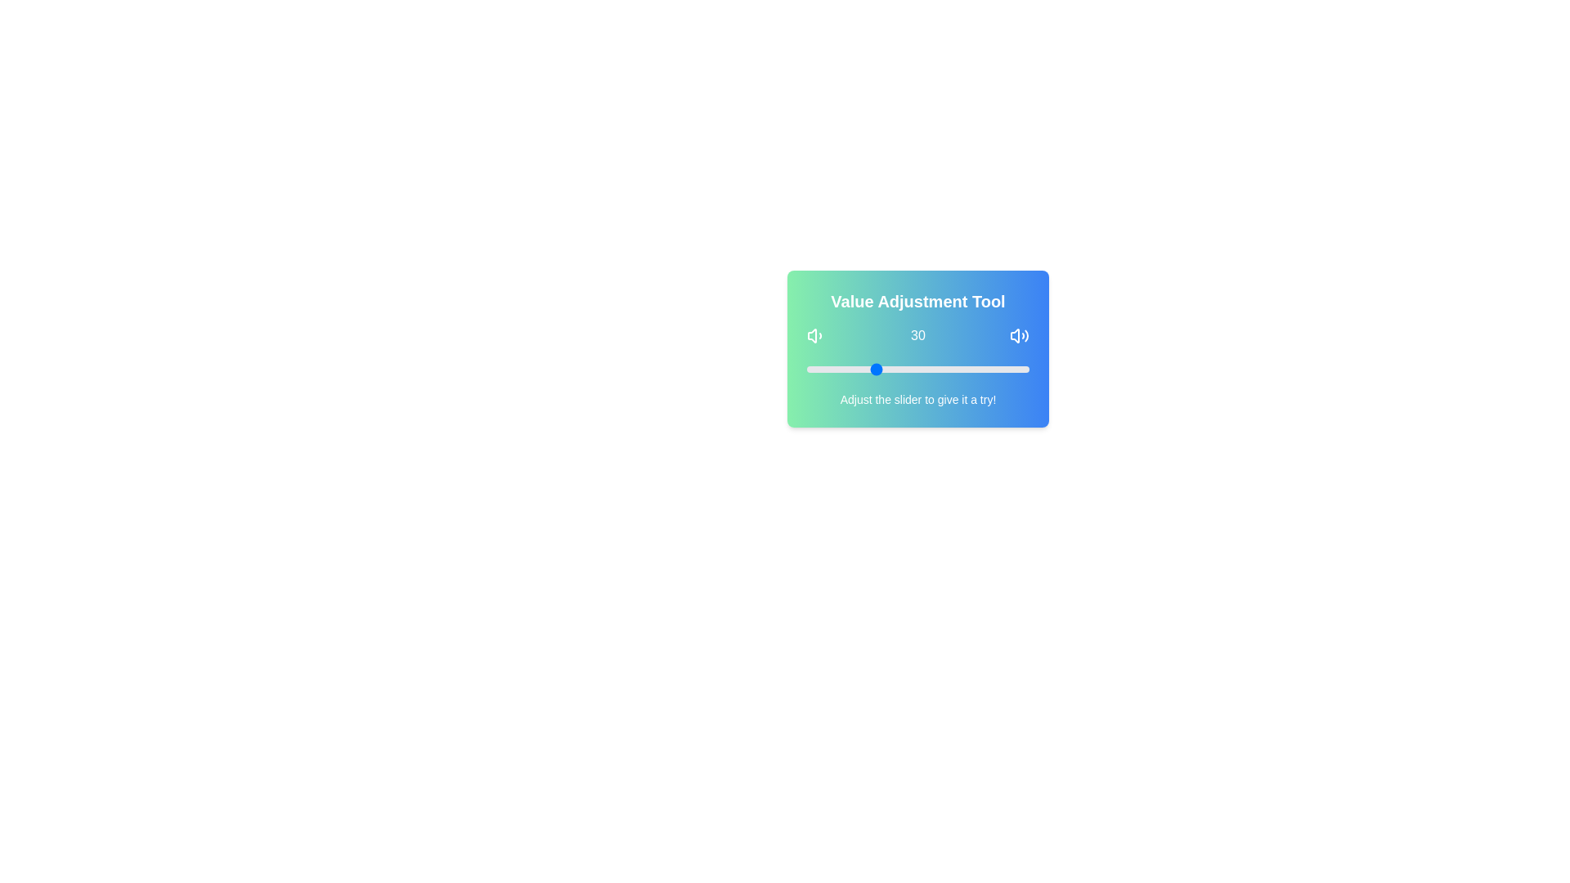 The width and height of the screenshot is (1570, 883). Describe the element at coordinates (812, 335) in the screenshot. I see `the volume control icon located on the left side of the volume adjustment tool interface, adjacent to the numerical value indicating the volume level` at that location.